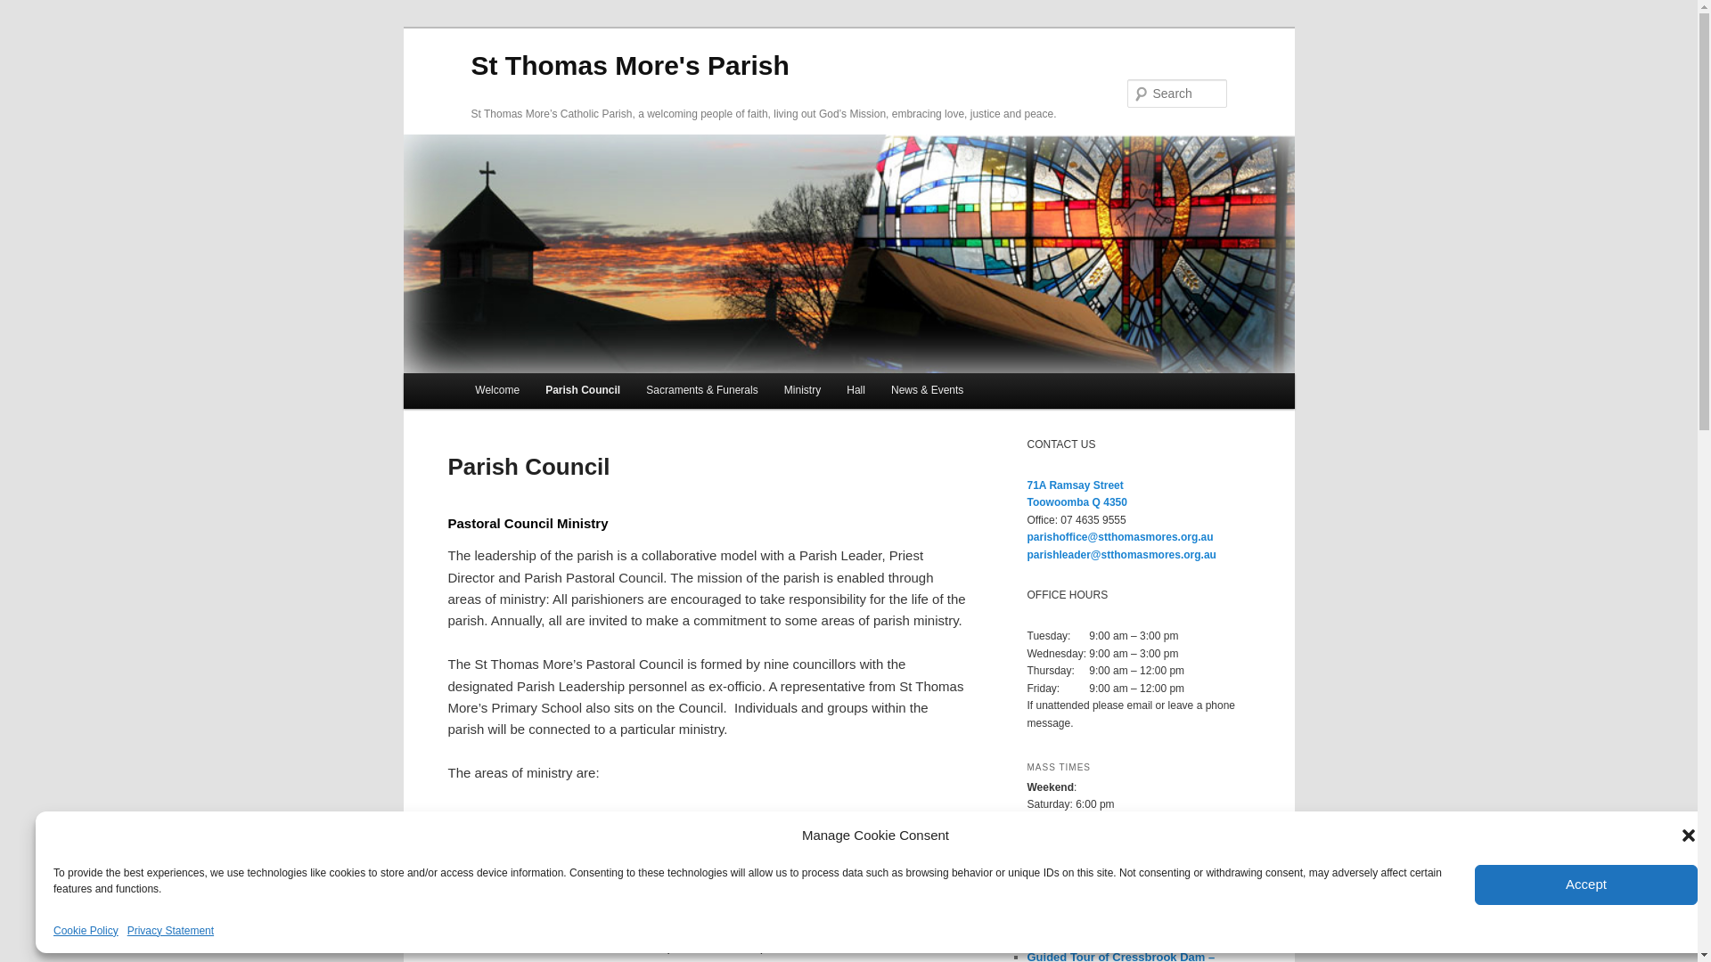  I want to click on 'Administration', so click(489, 837).